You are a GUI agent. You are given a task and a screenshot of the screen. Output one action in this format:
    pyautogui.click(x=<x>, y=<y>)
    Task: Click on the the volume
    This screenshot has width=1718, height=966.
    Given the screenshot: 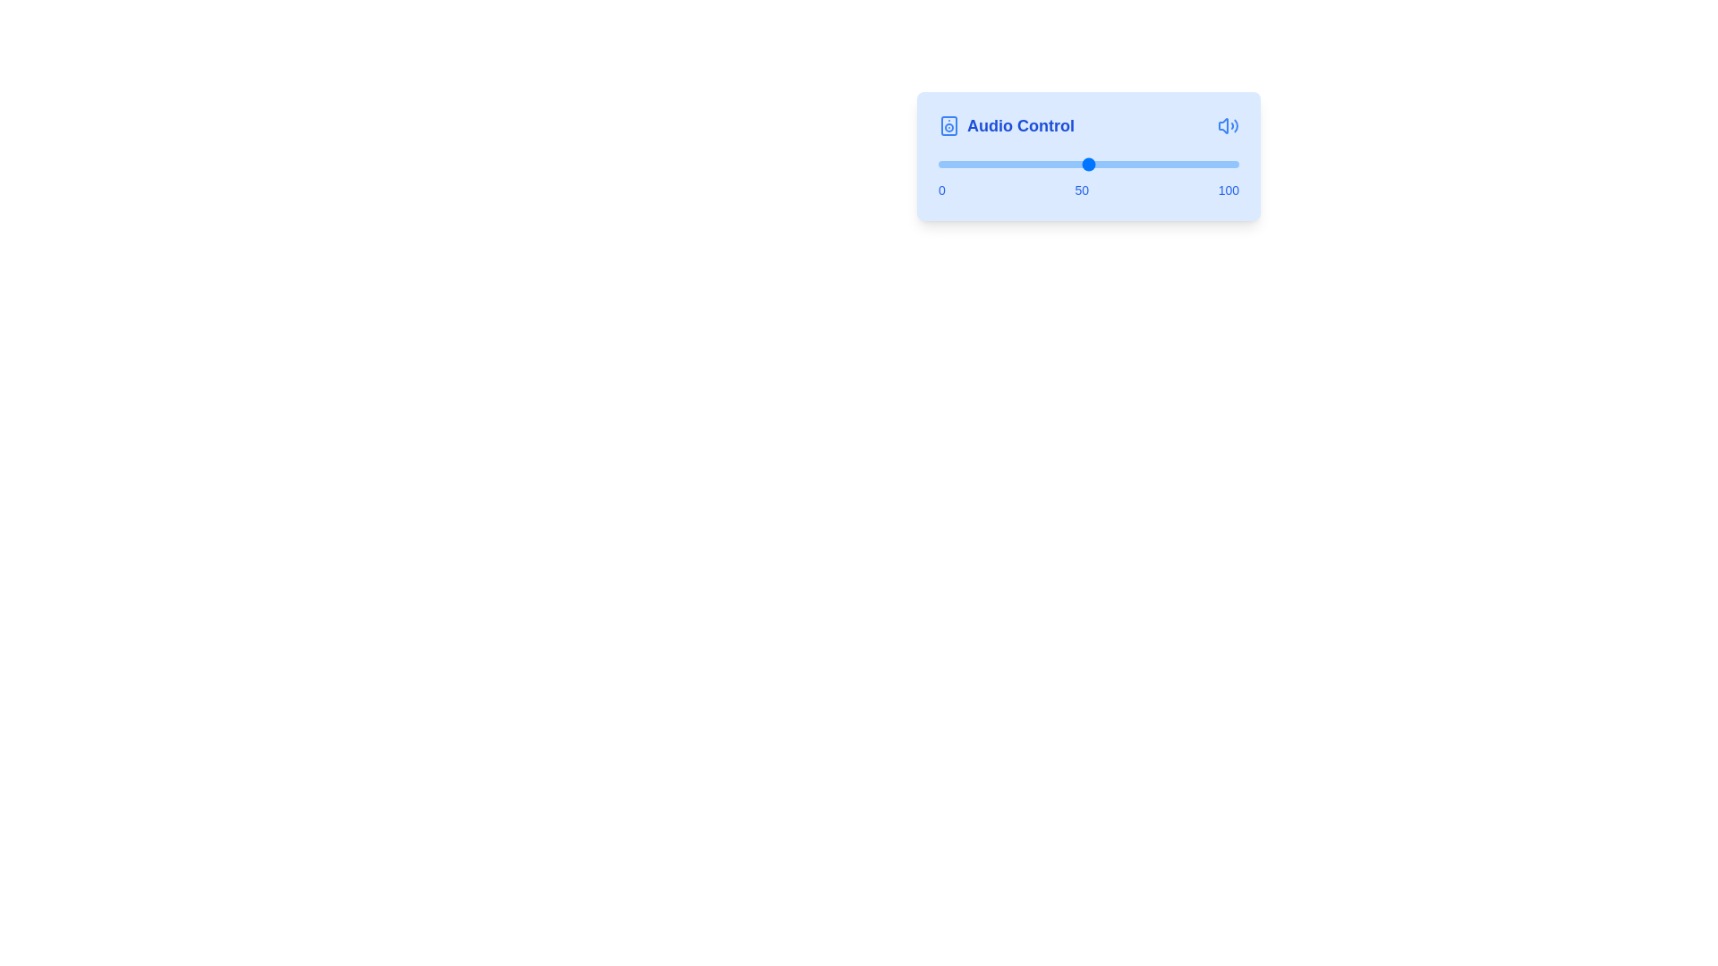 What is the action you would take?
    pyautogui.click(x=1013, y=165)
    